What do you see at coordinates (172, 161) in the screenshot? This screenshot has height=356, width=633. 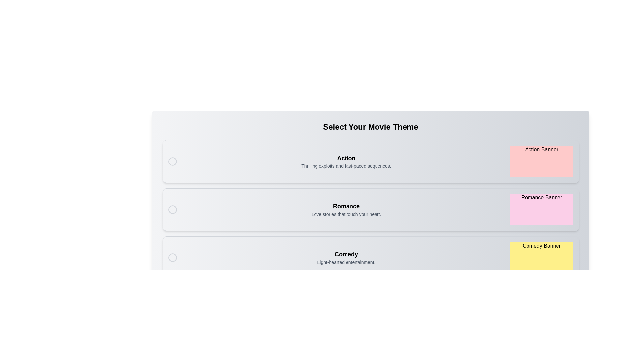 I see `the center of the circular graphical element, which is the inner circle of a radio button` at bounding box center [172, 161].